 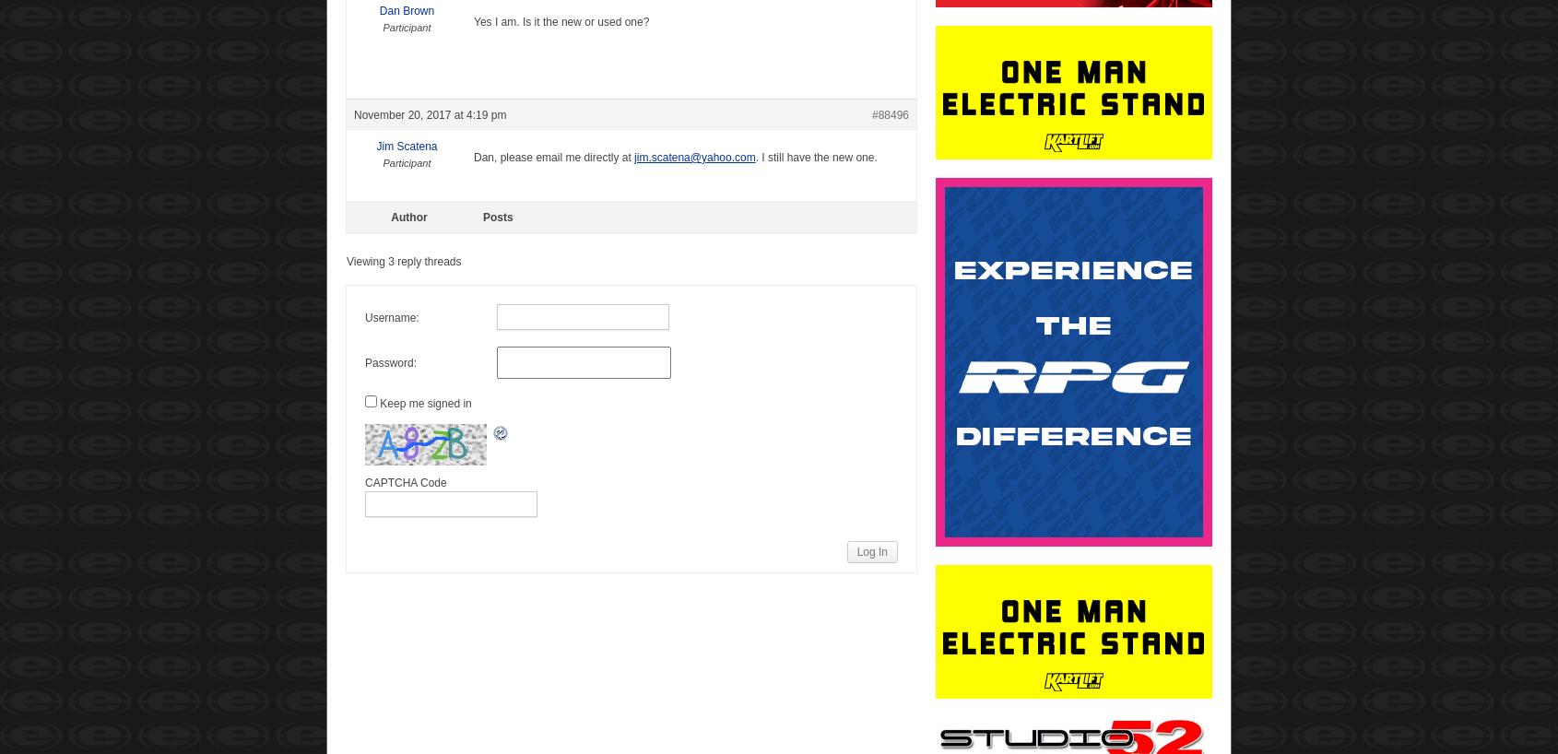 I want to click on 'jim.scatena@yahoo.com', so click(x=693, y=155).